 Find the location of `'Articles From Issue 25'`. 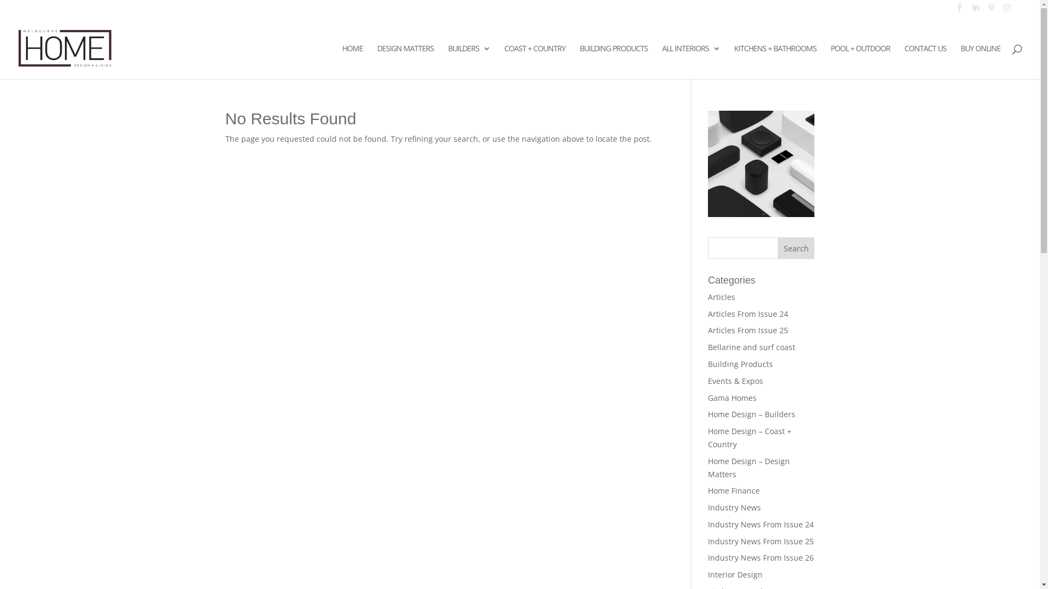

'Articles From Issue 25' is located at coordinates (747, 329).